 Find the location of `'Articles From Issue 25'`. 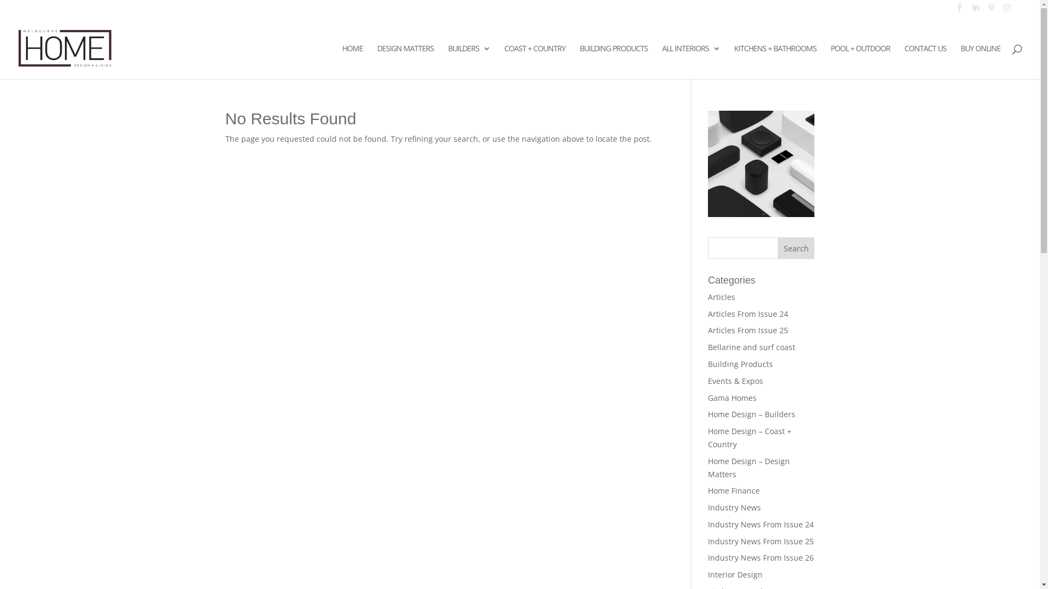

'Articles From Issue 25' is located at coordinates (747, 329).